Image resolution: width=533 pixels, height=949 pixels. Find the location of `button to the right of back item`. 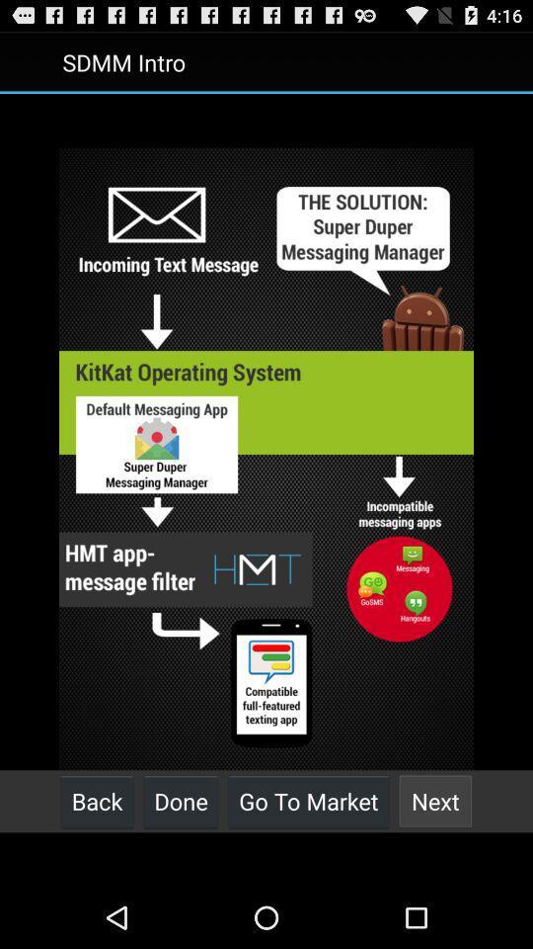

button to the right of back item is located at coordinates (181, 801).